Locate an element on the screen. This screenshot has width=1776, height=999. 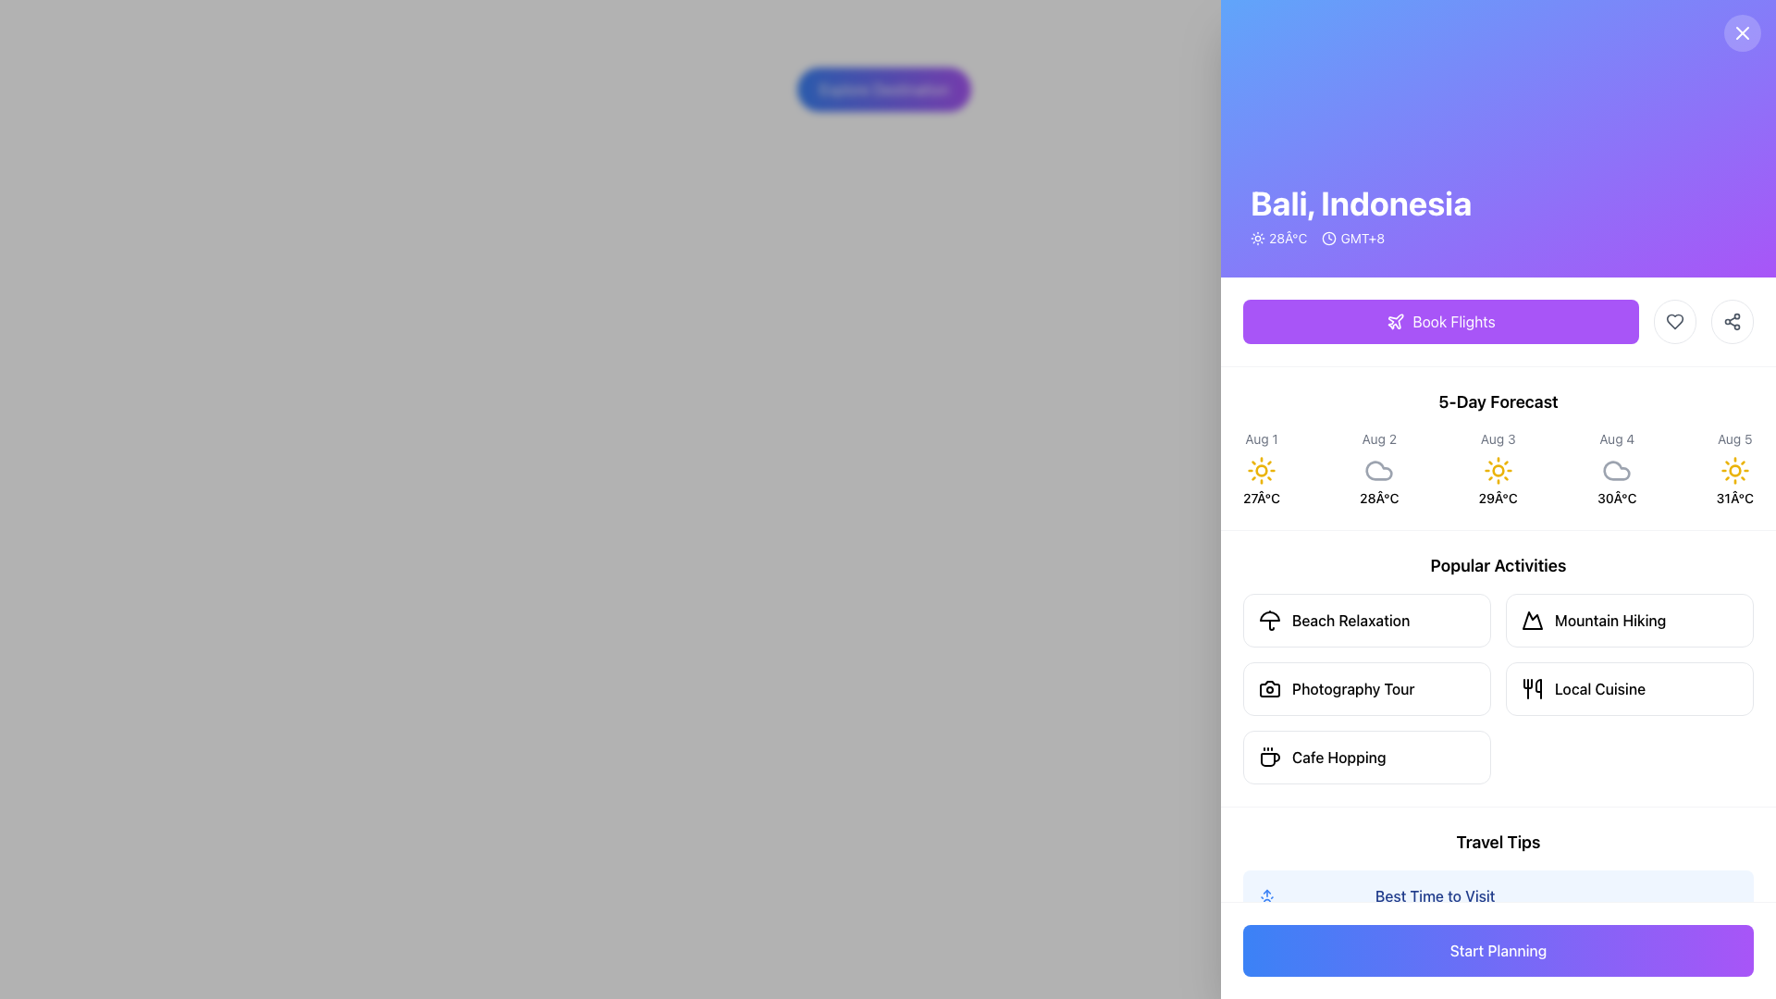
the camera icon located within the 'Photography Tour' button in the 'Popular Activities' section is located at coordinates (1268, 688).